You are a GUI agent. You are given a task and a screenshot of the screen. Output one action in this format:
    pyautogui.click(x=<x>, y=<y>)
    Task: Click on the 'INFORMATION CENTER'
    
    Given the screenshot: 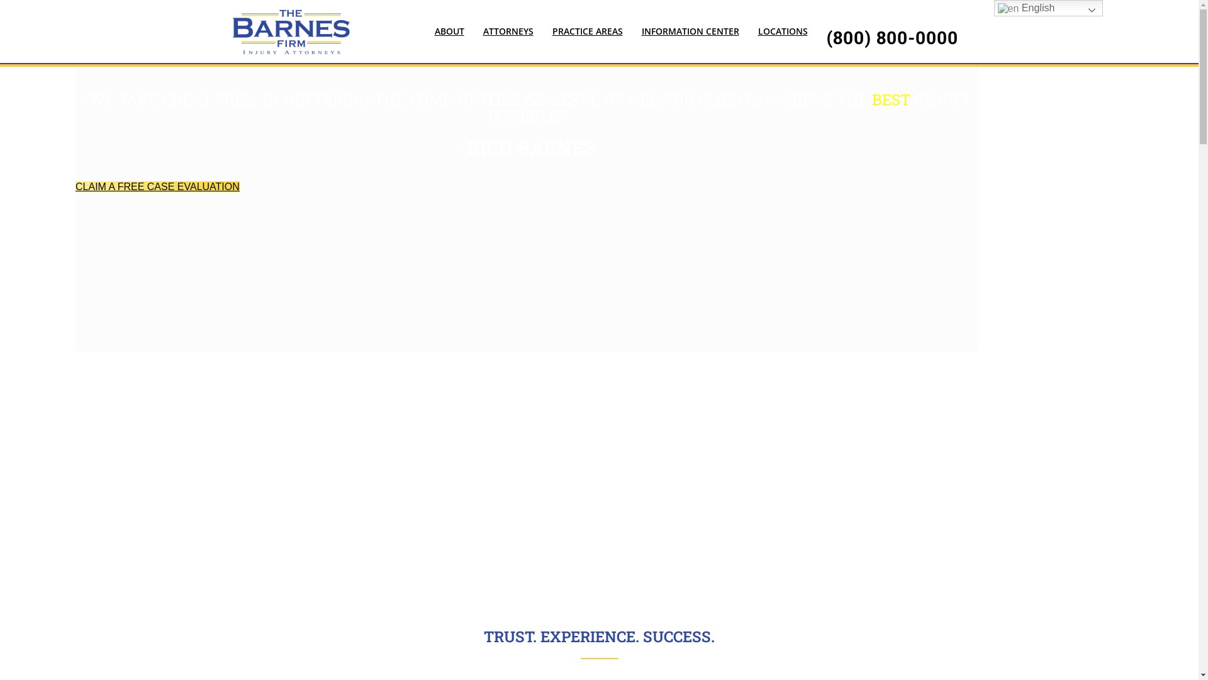 What is the action you would take?
    pyautogui.click(x=631, y=30)
    